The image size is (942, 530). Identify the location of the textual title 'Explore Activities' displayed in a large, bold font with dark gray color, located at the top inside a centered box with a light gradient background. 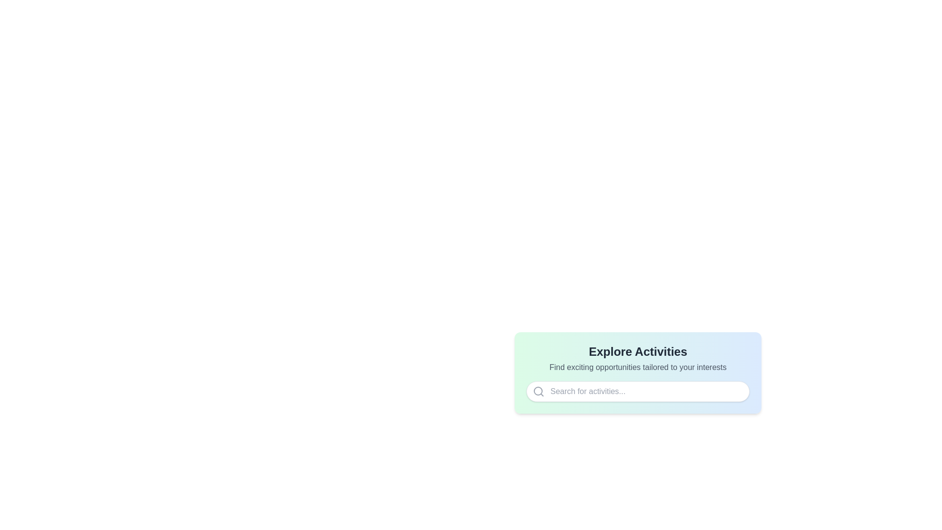
(638, 351).